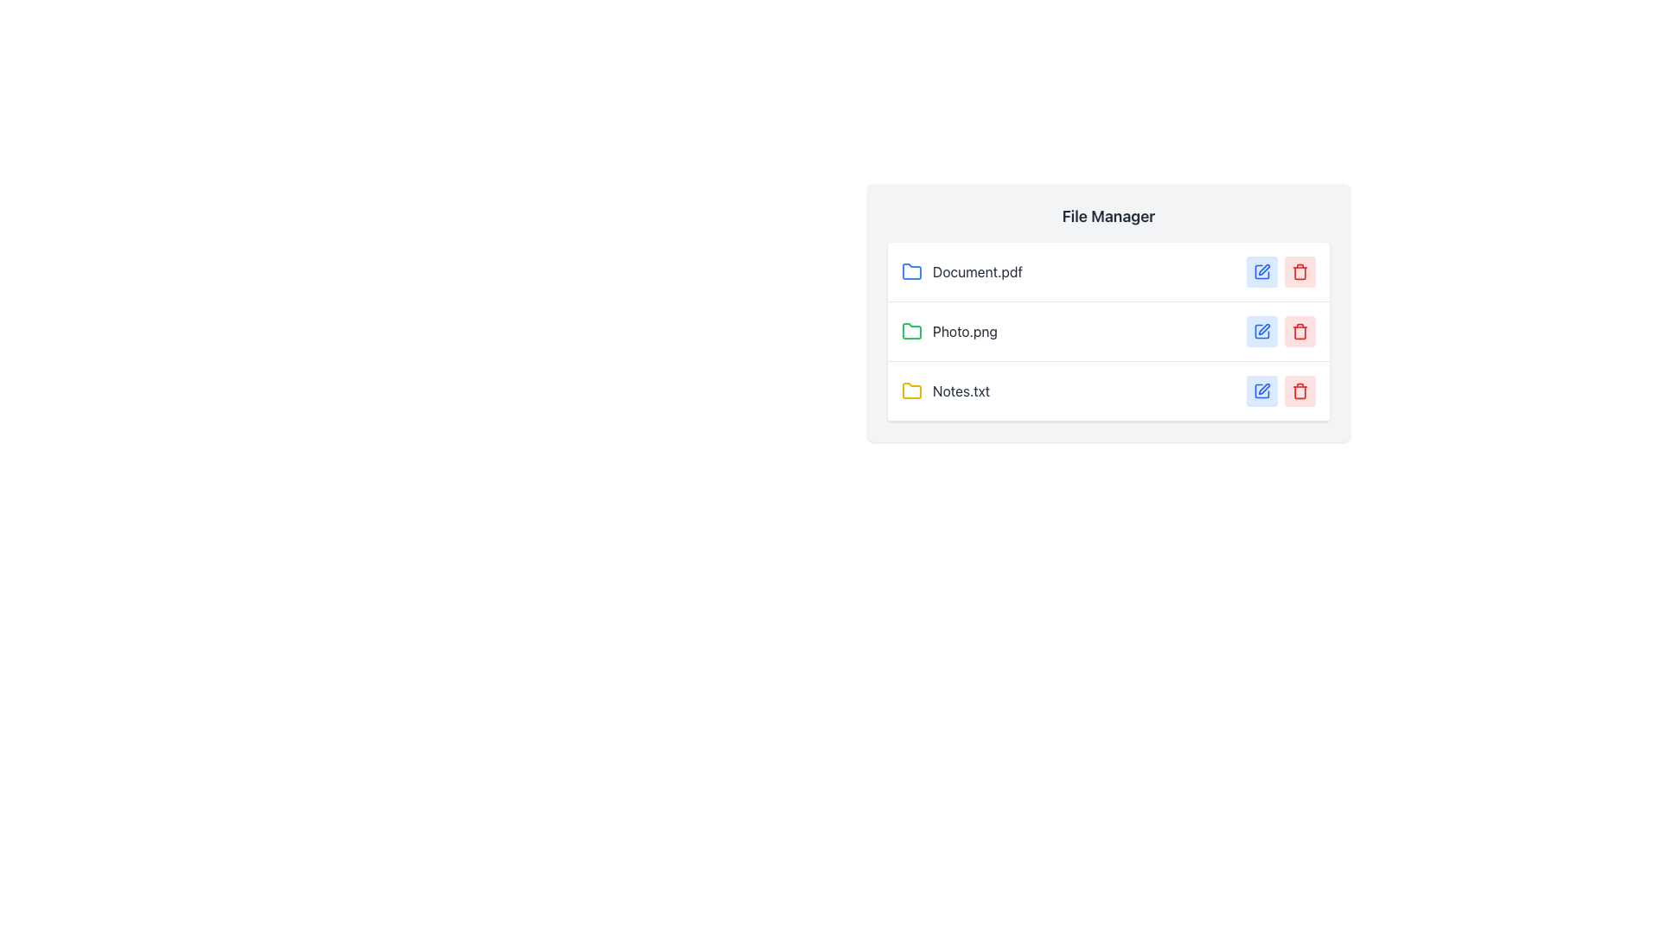  What do you see at coordinates (1108, 313) in the screenshot?
I see `the 'Photo.png' file entry in the File Manager` at bounding box center [1108, 313].